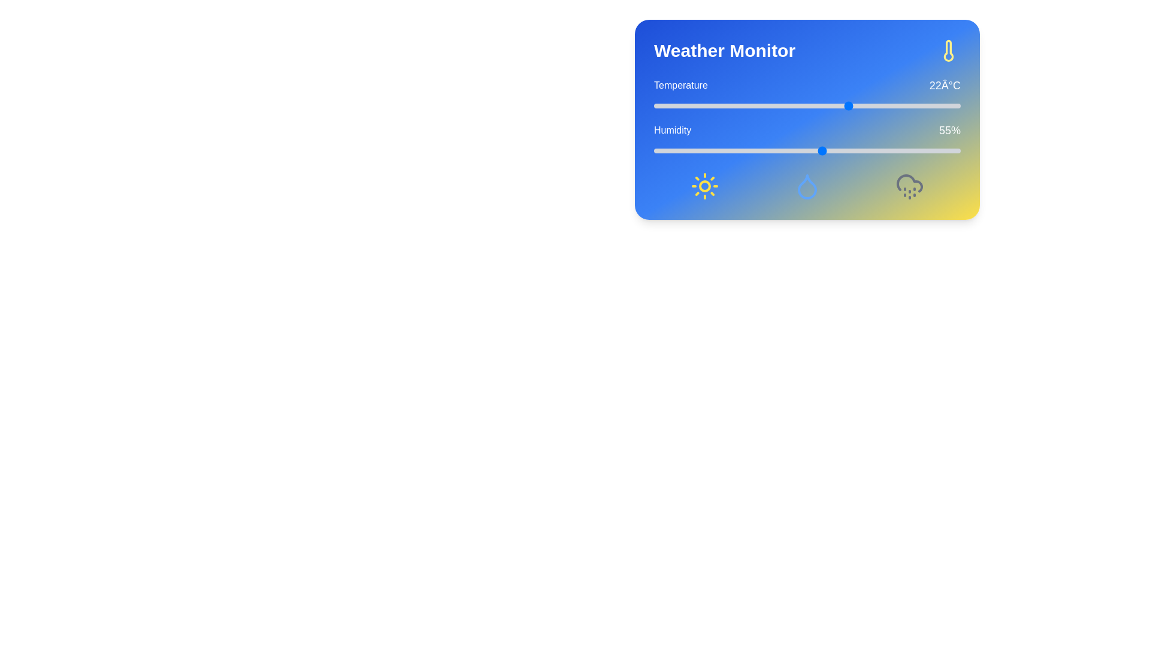 The width and height of the screenshot is (1150, 647). What do you see at coordinates (831, 150) in the screenshot?
I see `the humidity slider to 58%` at bounding box center [831, 150].